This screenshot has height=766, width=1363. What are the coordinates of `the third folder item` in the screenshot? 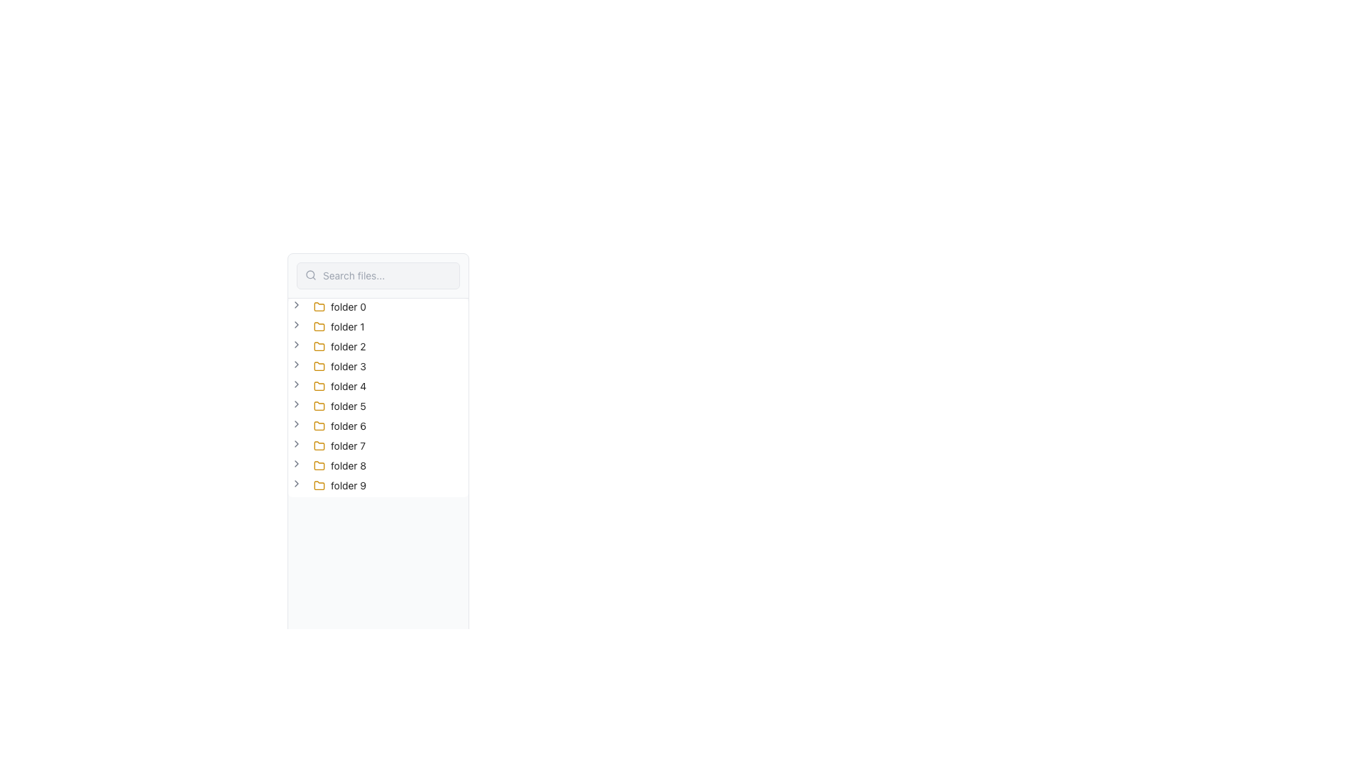 It's located at (339, 347).